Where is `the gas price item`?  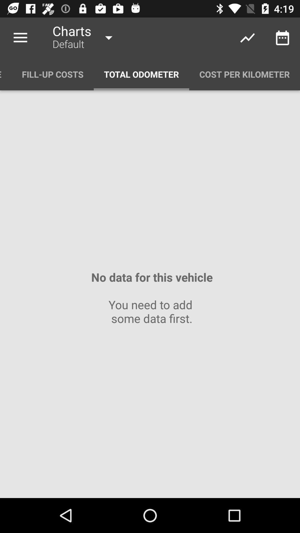
the gas price item is located at coordinates (6, 74).